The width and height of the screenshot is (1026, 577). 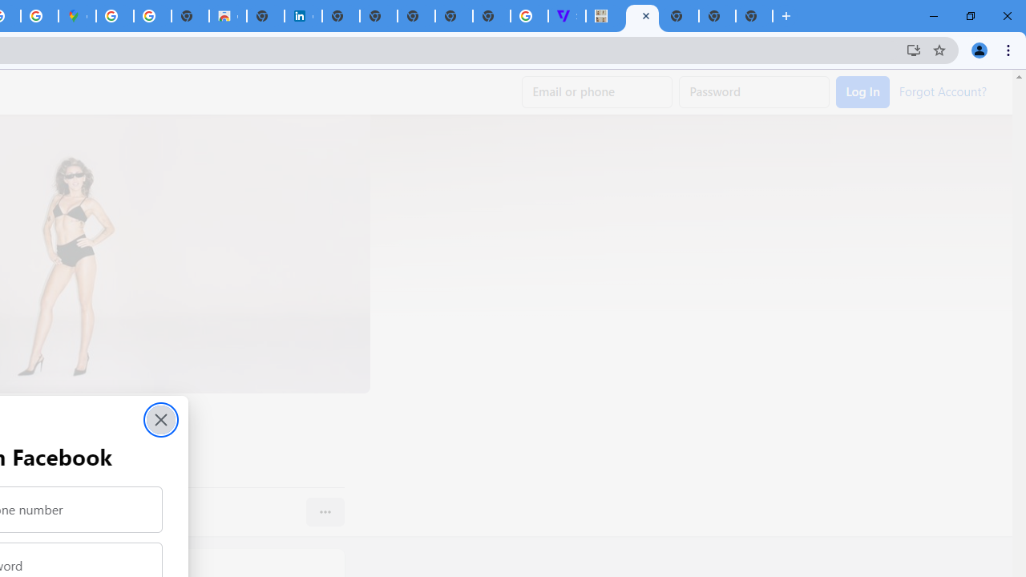 I want to click on 'MILEY CYRUS.', so click(x=604, y=16).